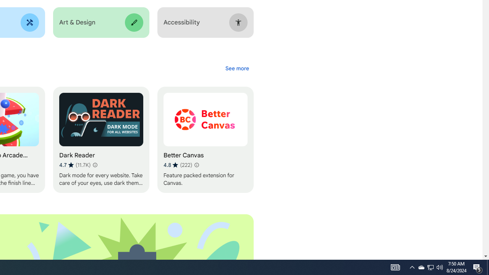 The height and width of the screenshot is (275, 489). I want to click on 'Art & Design', so click(100, 22).